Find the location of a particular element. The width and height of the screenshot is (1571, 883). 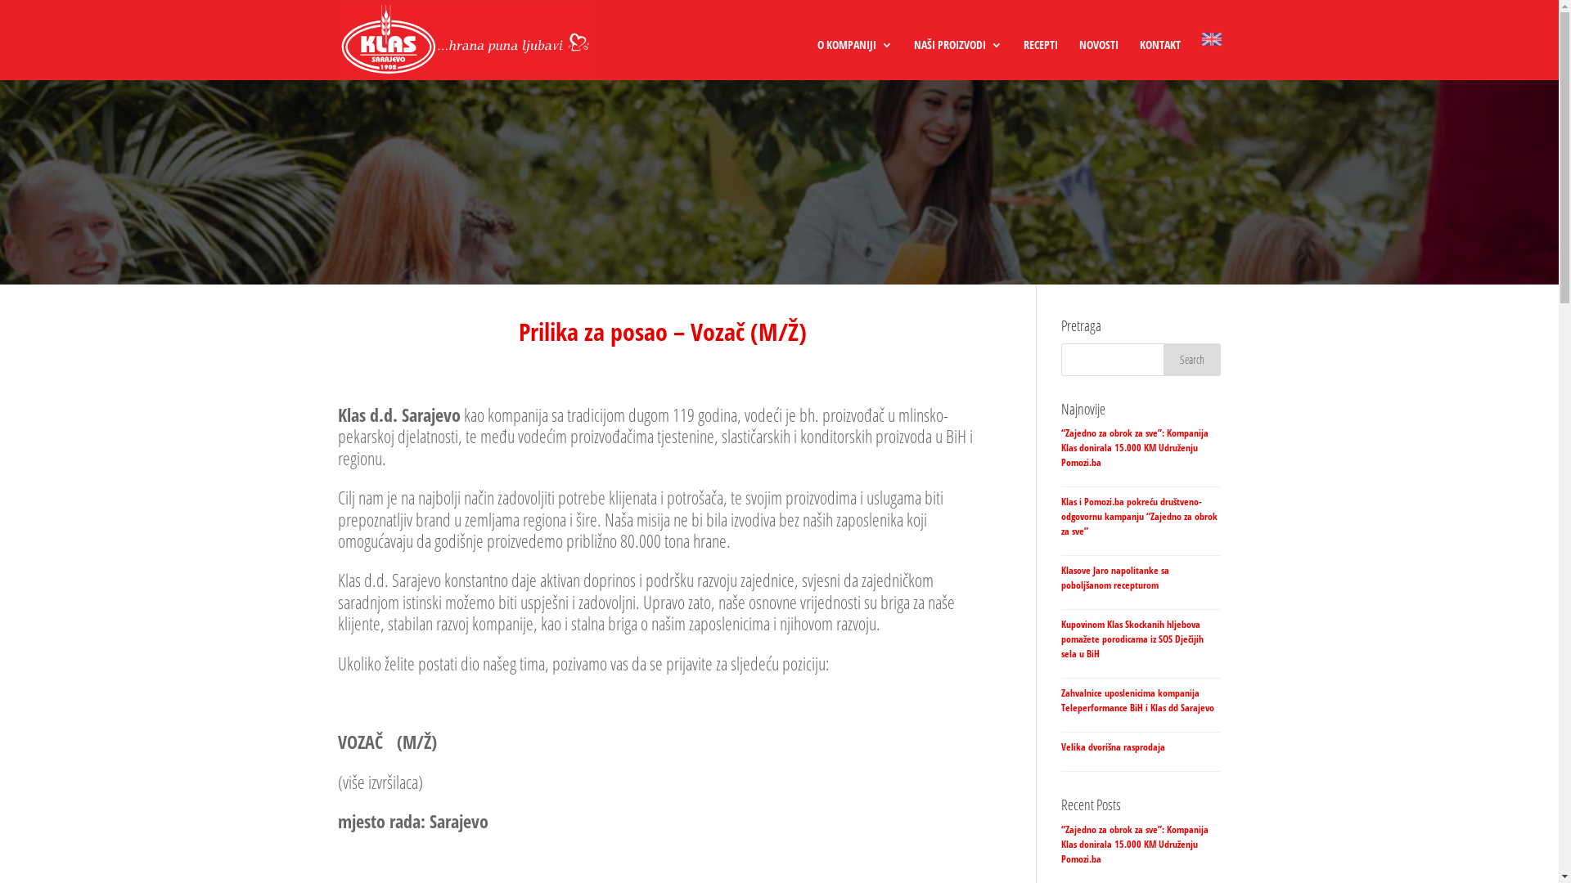

'KONTAKT' is located at coordinates (1158, 59).